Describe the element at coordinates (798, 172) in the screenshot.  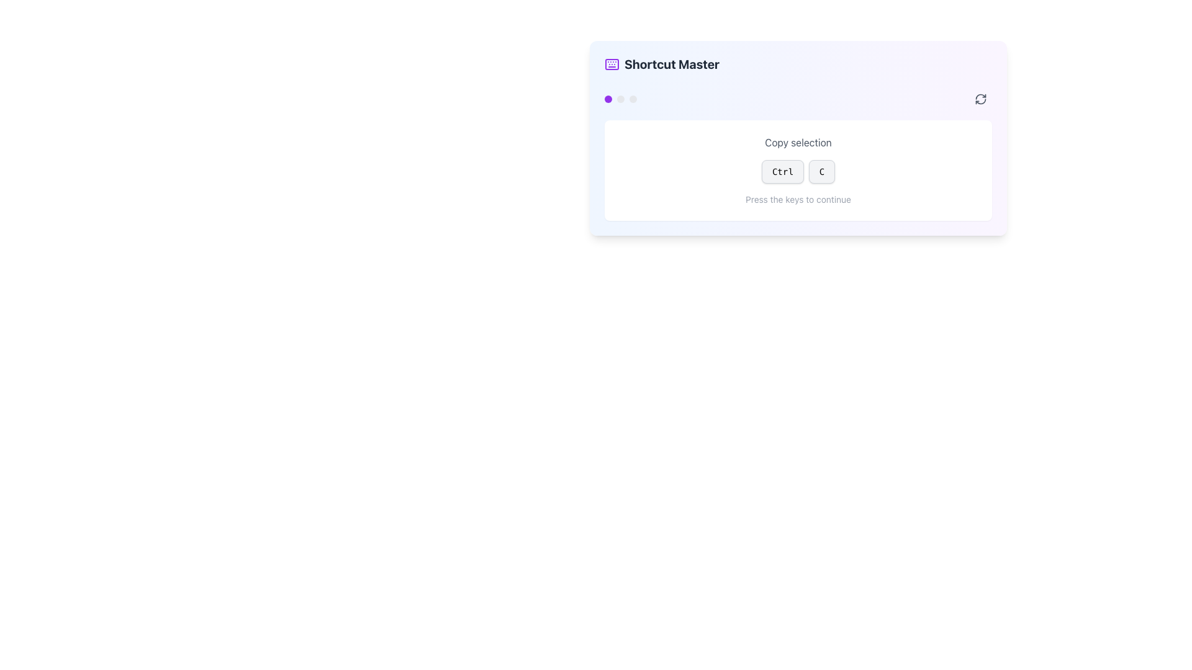
I see `the styled non-interactive buttons representing the keyboard shortcut 'Ctrl' and 'C', located centrally under 'Copy selection'` at that location.